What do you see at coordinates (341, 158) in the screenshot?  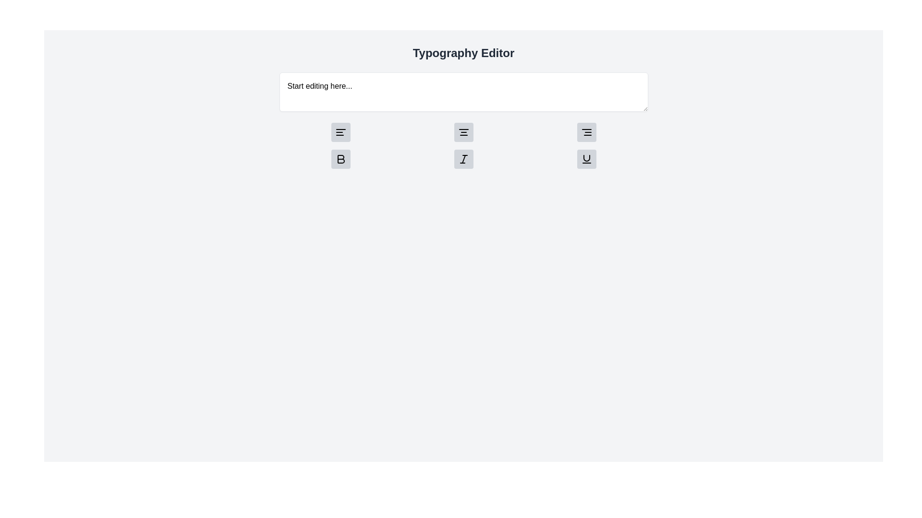 I see `the bold formatting icon button in the typography editor to apply bold styling to the selected text` at bounding box center [341, 158].